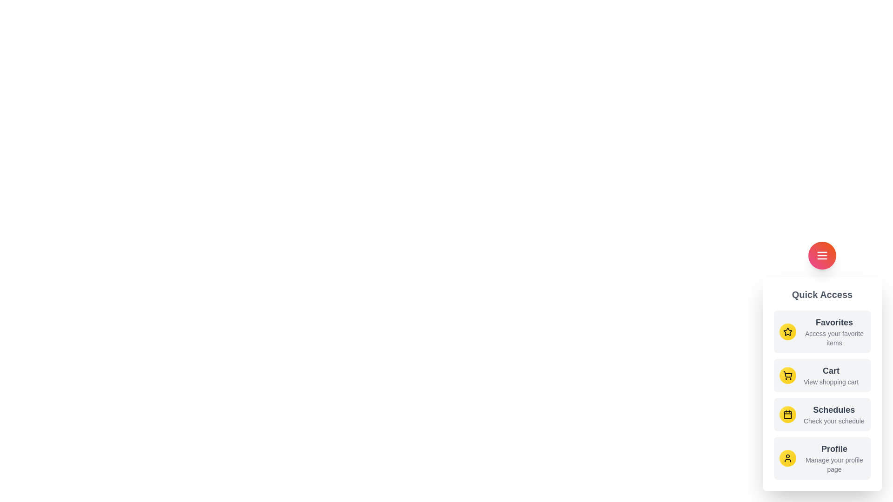 Image resolution: width=893 pixels, height=502 pixels. Describe the element at coordinates (822, 375) in the screenshot. I see `the 'Cart' option in the InteractiveSpeedDial component` at that location.